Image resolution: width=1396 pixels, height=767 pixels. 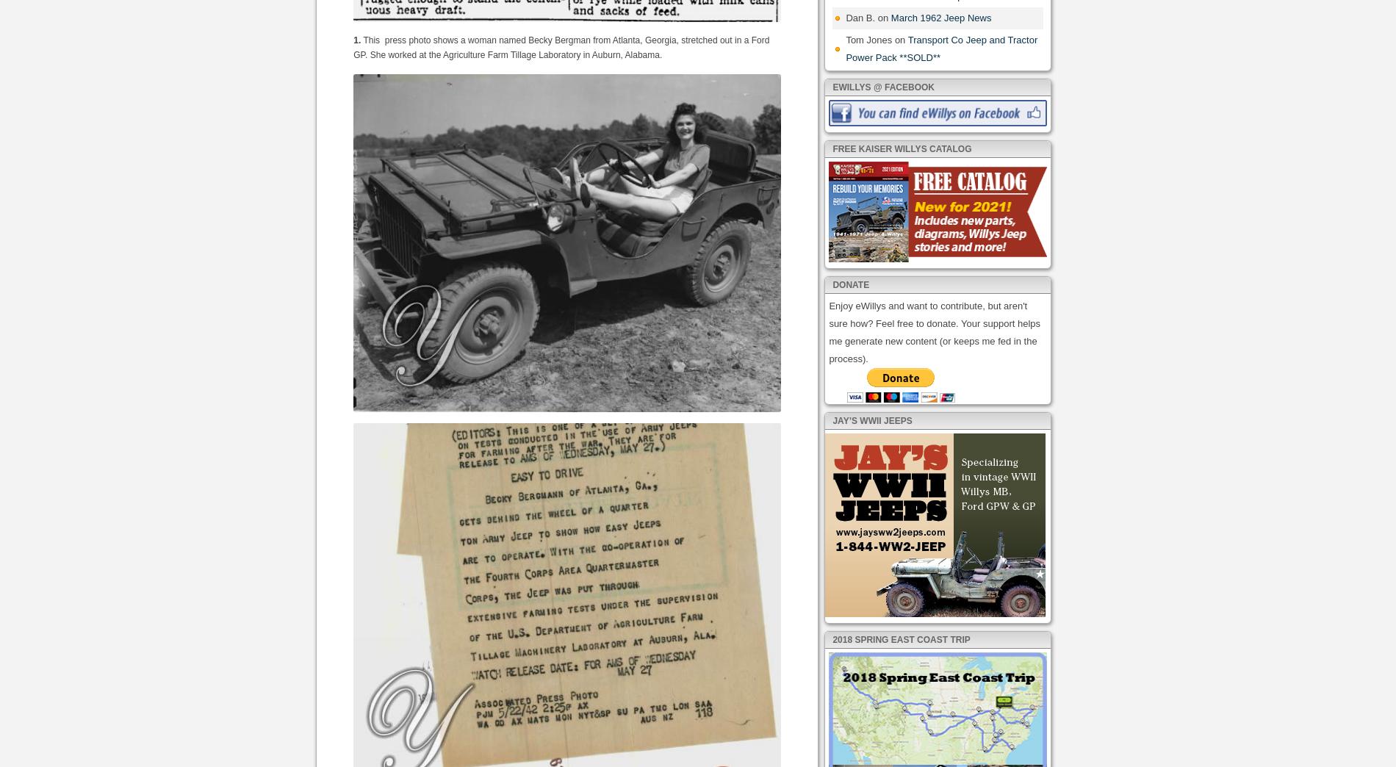 I want to click on '2018 Spring East Coast Trip', so click(x=900, y=640).